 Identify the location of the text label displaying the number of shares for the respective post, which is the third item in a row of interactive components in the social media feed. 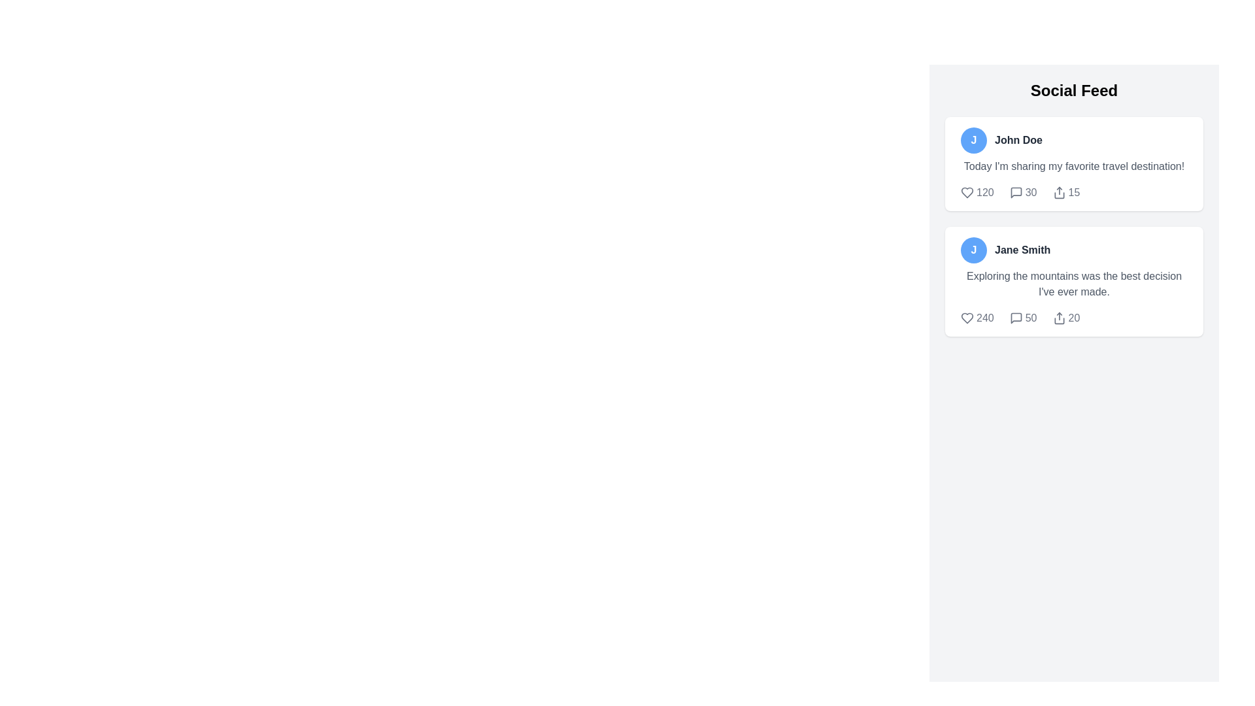
(1066, 318).